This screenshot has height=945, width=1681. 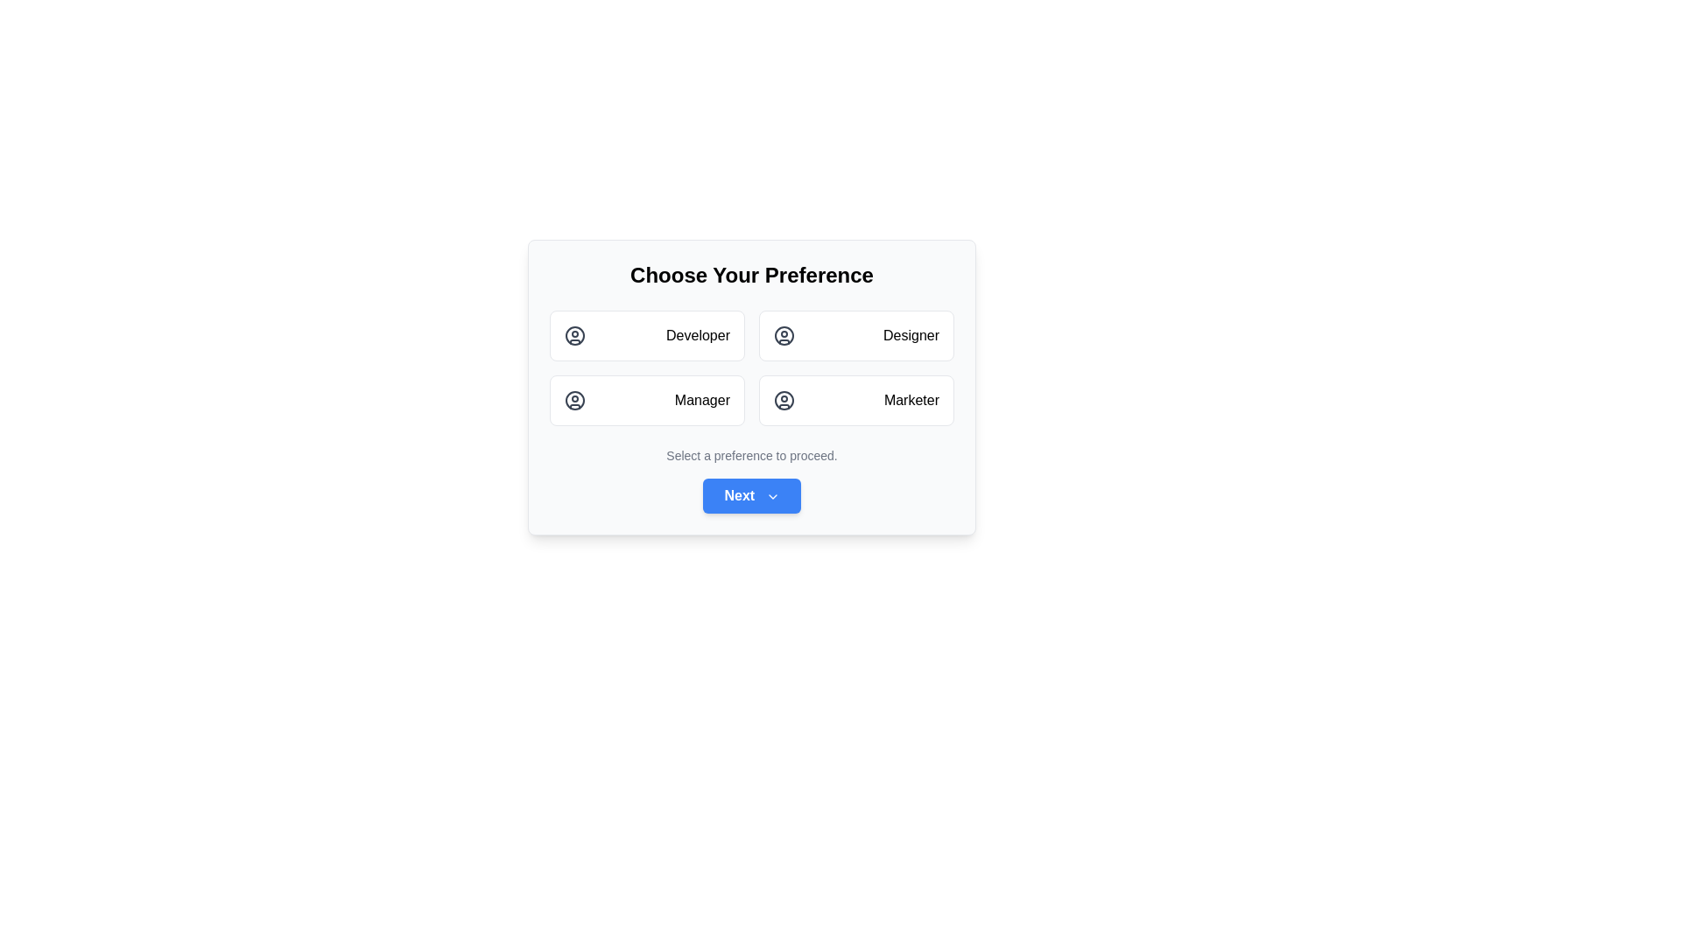 What do you see at coordinates (575, 401) in the screenshot?
I see `the user profile SVG icon located in the top-left corner of the 'Manager' option box, which features a circular design and is styled in gray against a white background` at bounding box center [575, 401].